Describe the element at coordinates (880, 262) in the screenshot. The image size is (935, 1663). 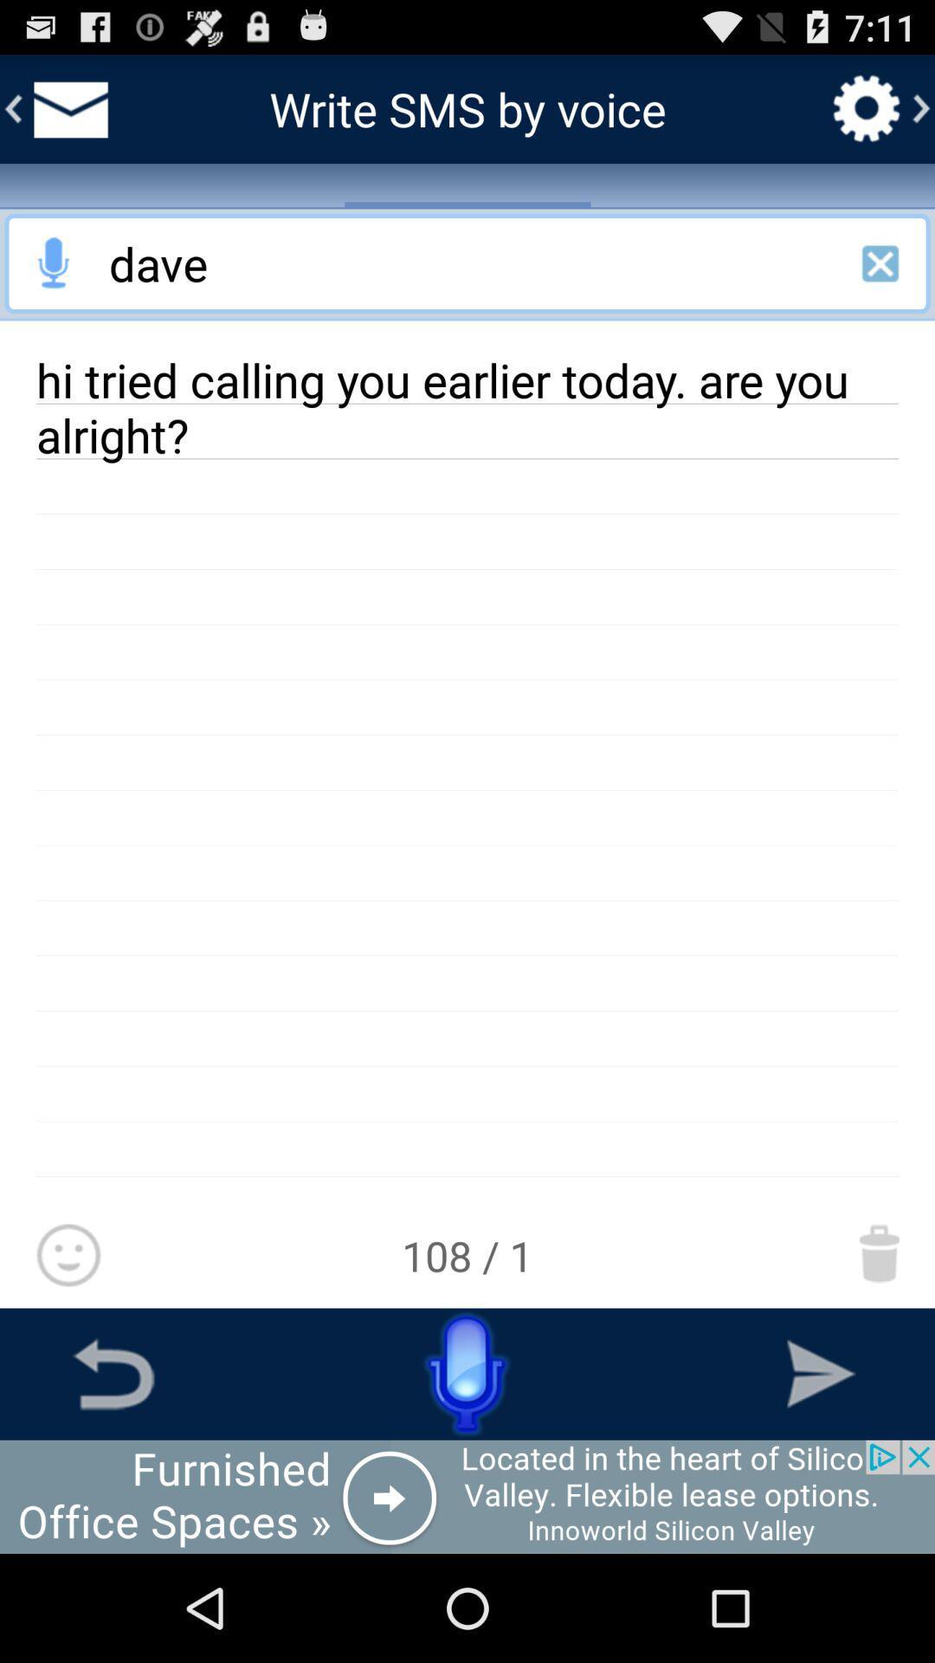
I see `exit text to speech mode` at that location.